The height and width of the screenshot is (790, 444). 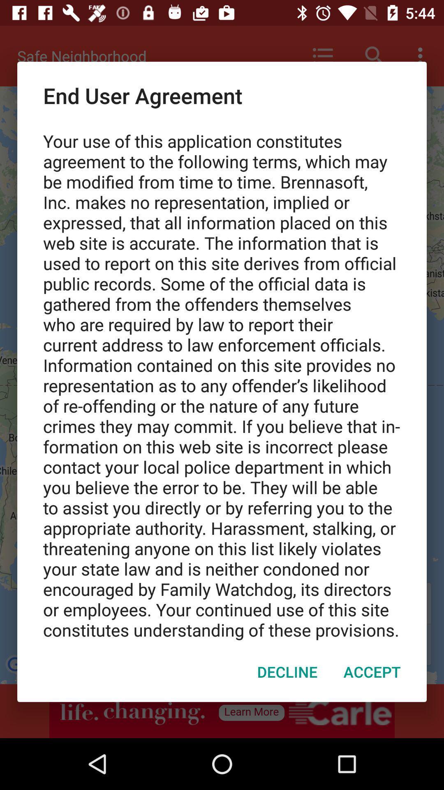 I want to click on the item at the bottom, so click(x=287, y=671).